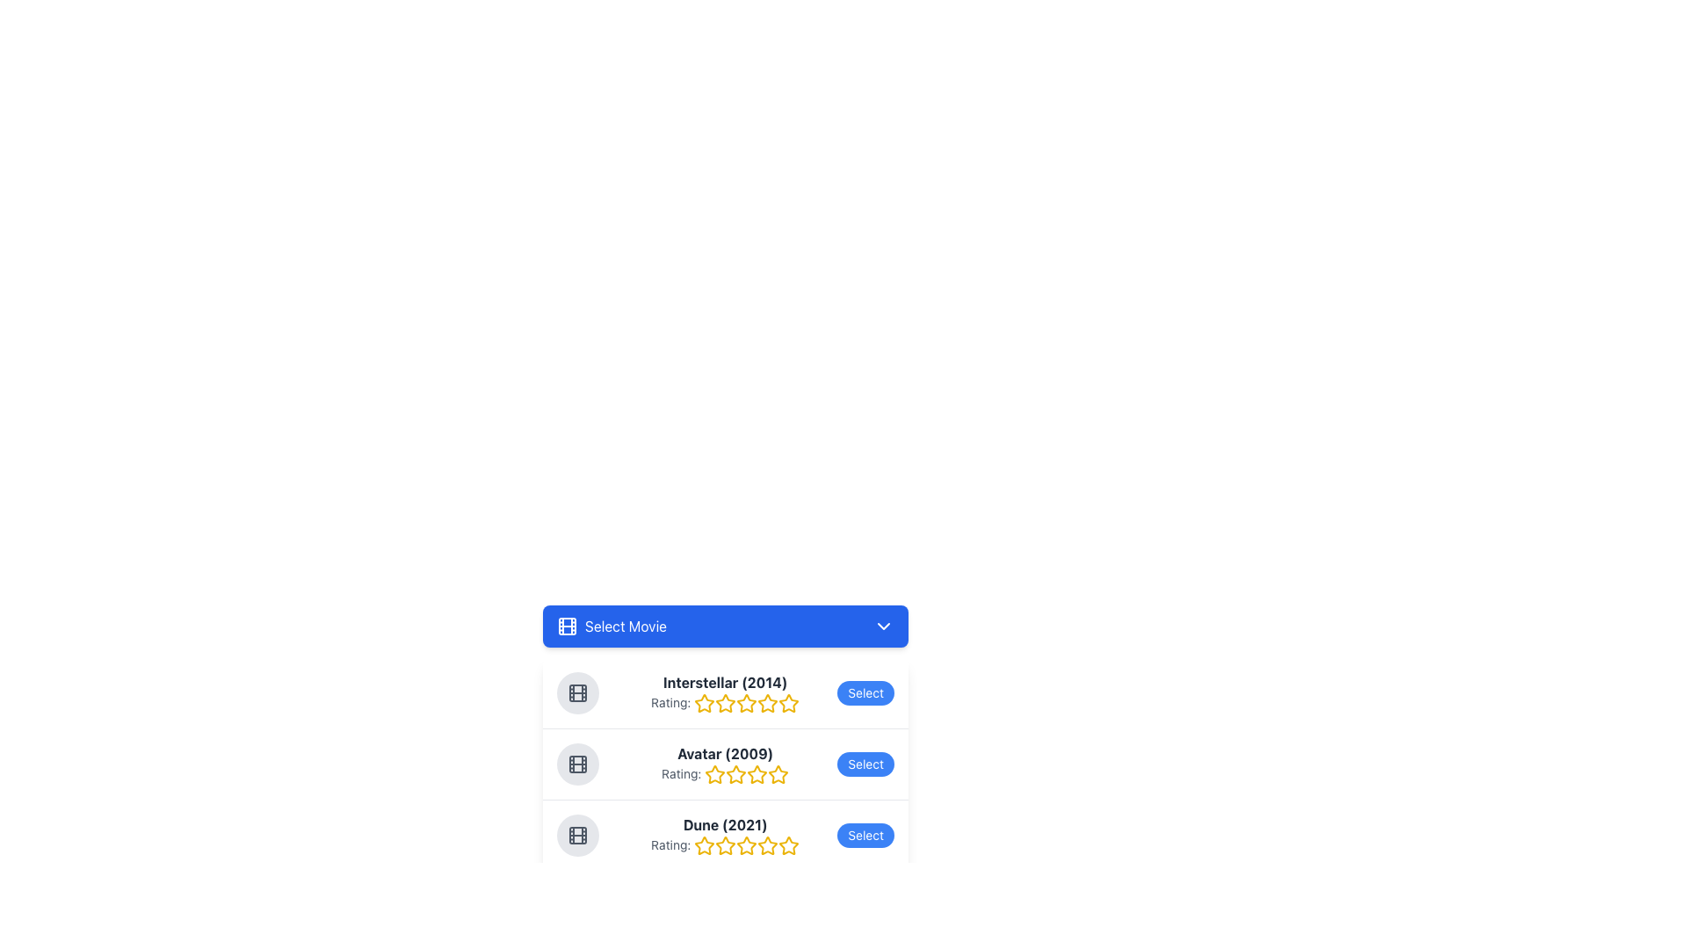 The height and width of the screenshot is (949, 1687). What do you see at coordinates (788, 703) in the screenshot?
I see `the fifth yellow rating star icon located below the text 'Interstellar (2014)' to interact with it` at bounding box center [788, 703].